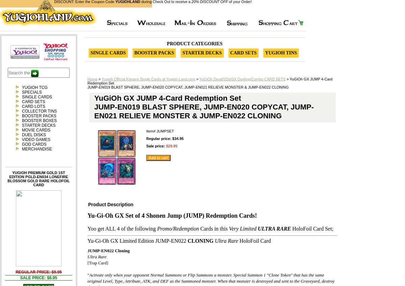 This screenshot has width=405, height=286. What do you see at coordinates (39, 115) in the screenshot?
I see `'BOOSTER PACKS'` at bounding box center [39, 115].